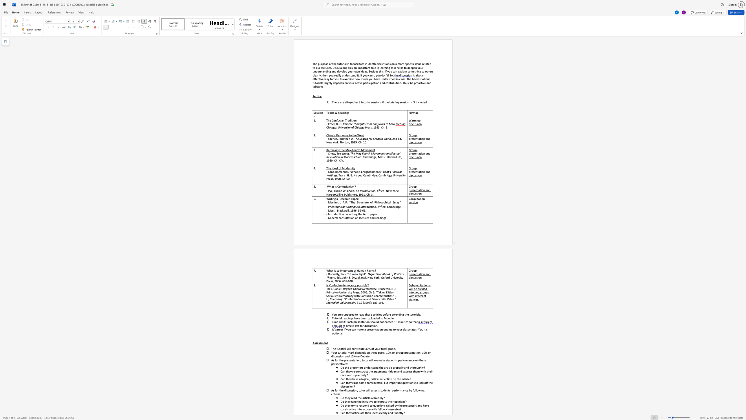 The width and height of the screenshot is (746, 420). I want to click on the 1th character "s" in the text, so click(343, 82).